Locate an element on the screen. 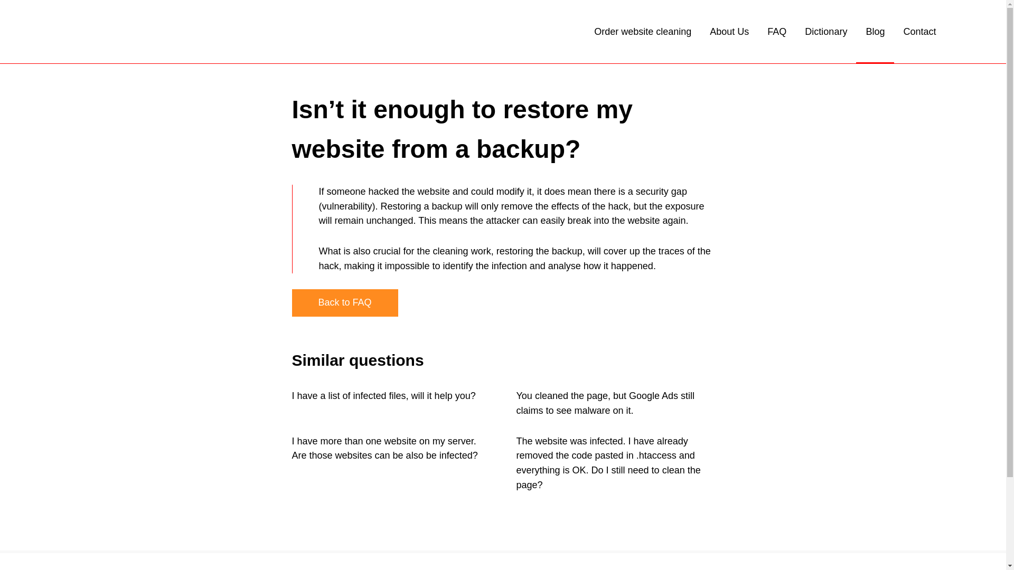  'I have a list of infected files, will it help you?' is located at coordinates (382, 395).